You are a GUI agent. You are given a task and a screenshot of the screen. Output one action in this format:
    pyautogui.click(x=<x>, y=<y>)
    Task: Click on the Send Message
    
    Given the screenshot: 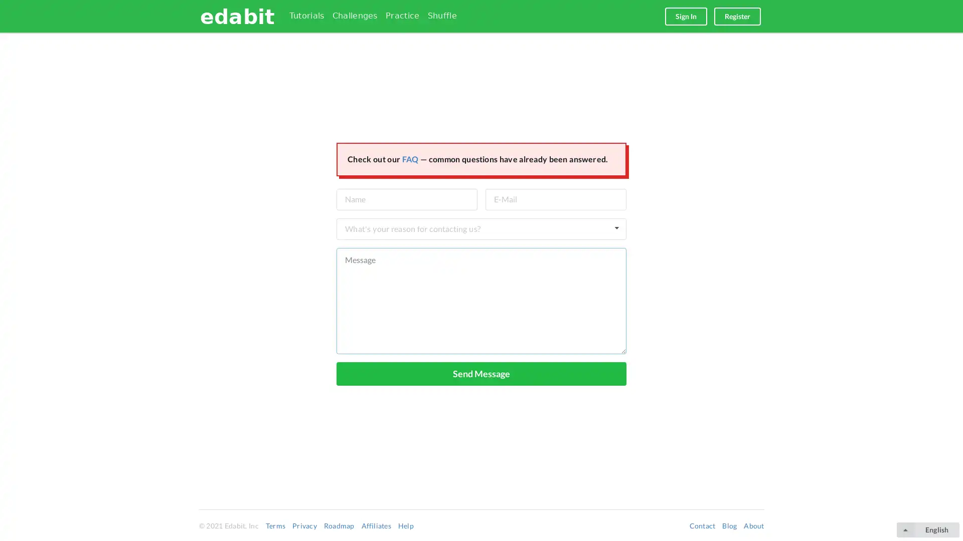 What is the action you would take?
    pyautogui.click(x=480, y=373)
    